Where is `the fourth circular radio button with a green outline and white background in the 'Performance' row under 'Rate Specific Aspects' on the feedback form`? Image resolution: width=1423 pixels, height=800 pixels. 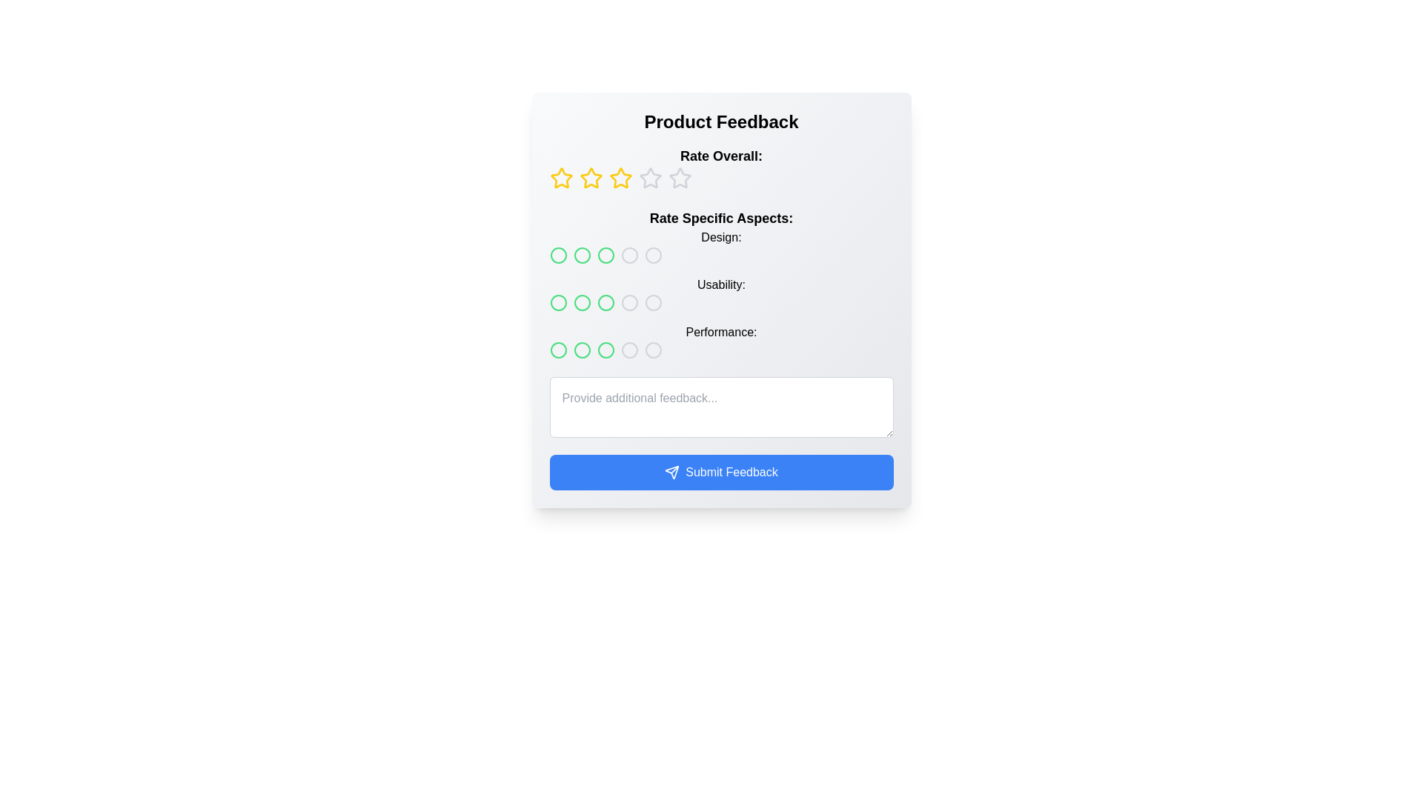
the fourth circular radio button with a green outline and white background in the 'Performance' row under 'Rate Specific Aspects' on the feedback form is located at coordinates (606, 350).